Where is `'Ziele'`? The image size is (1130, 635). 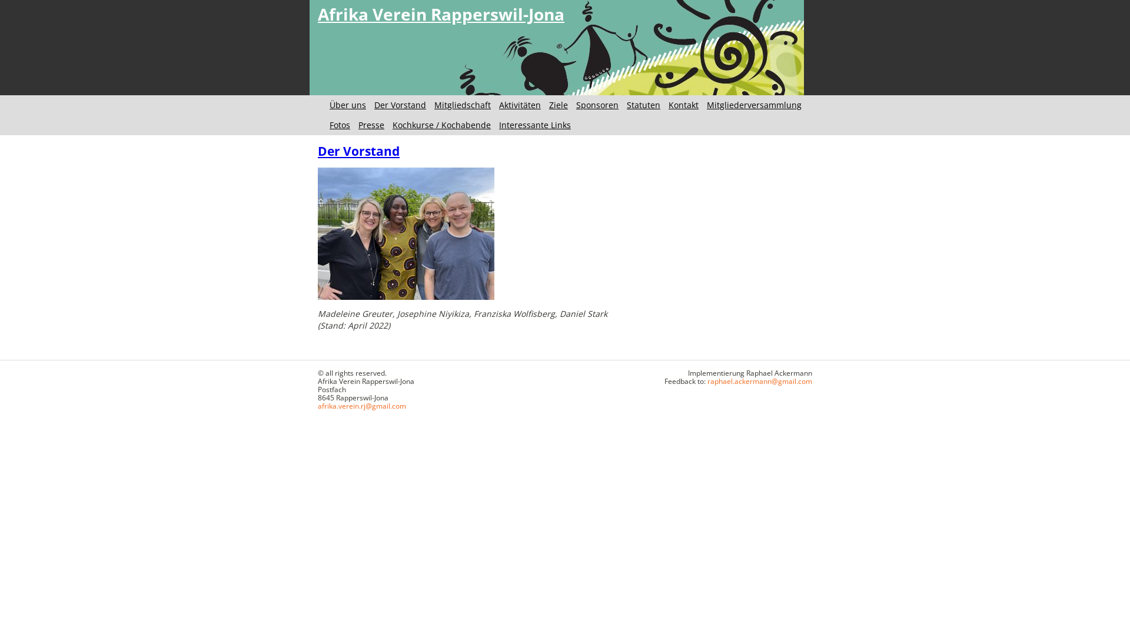 'Ziele' is located at coordinates (558, 104).